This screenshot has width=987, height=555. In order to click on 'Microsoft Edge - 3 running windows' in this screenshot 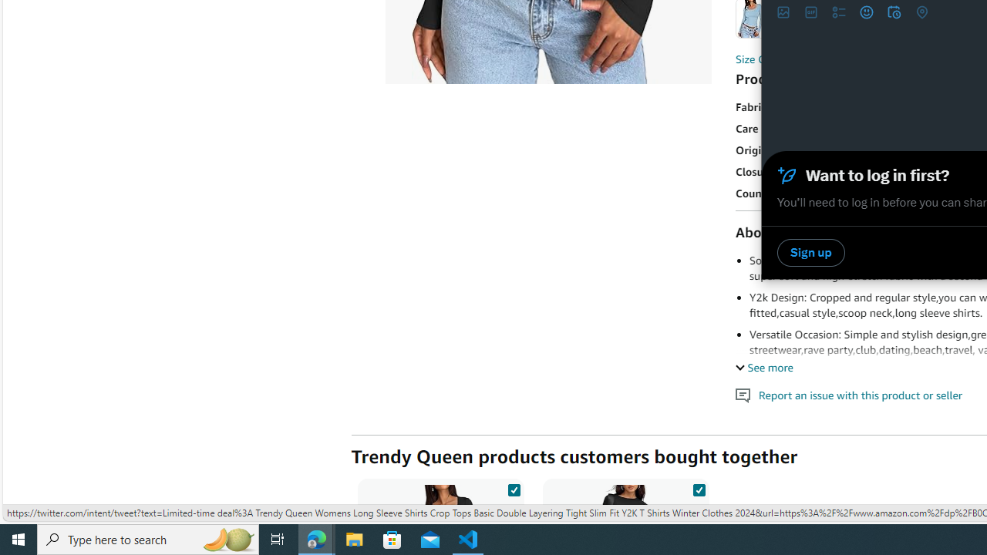, I will do `click(316, 538)`.